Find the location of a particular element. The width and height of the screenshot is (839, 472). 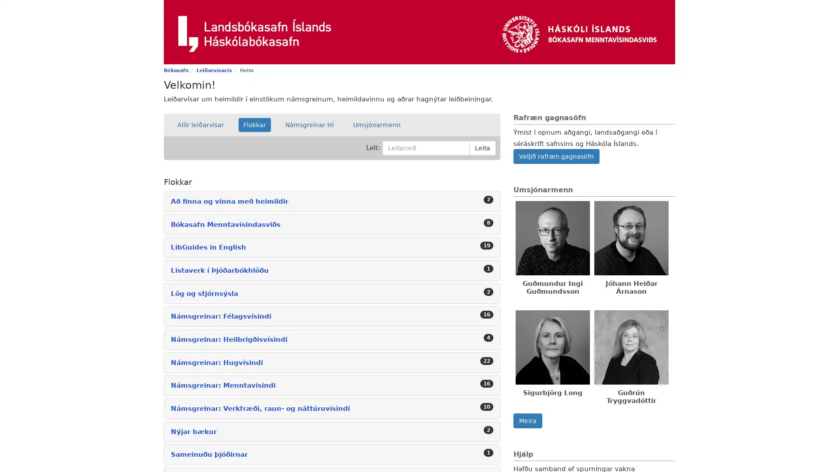

Allir leiarvisar is located at coordinates (200, 125).